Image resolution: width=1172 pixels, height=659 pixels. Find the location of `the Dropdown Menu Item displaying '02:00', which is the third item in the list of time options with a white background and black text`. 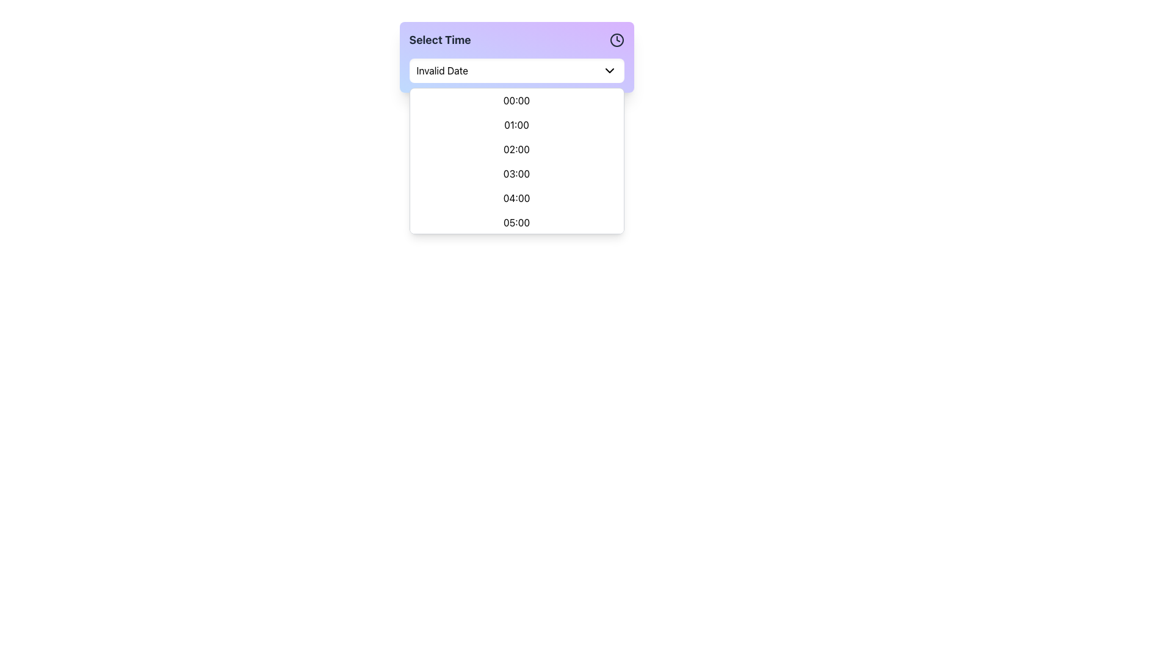

the Dropdown Menu Item displaying '02:00', which is the third item in the list of time options with a white background and black text is located at coordinates (516, 149).